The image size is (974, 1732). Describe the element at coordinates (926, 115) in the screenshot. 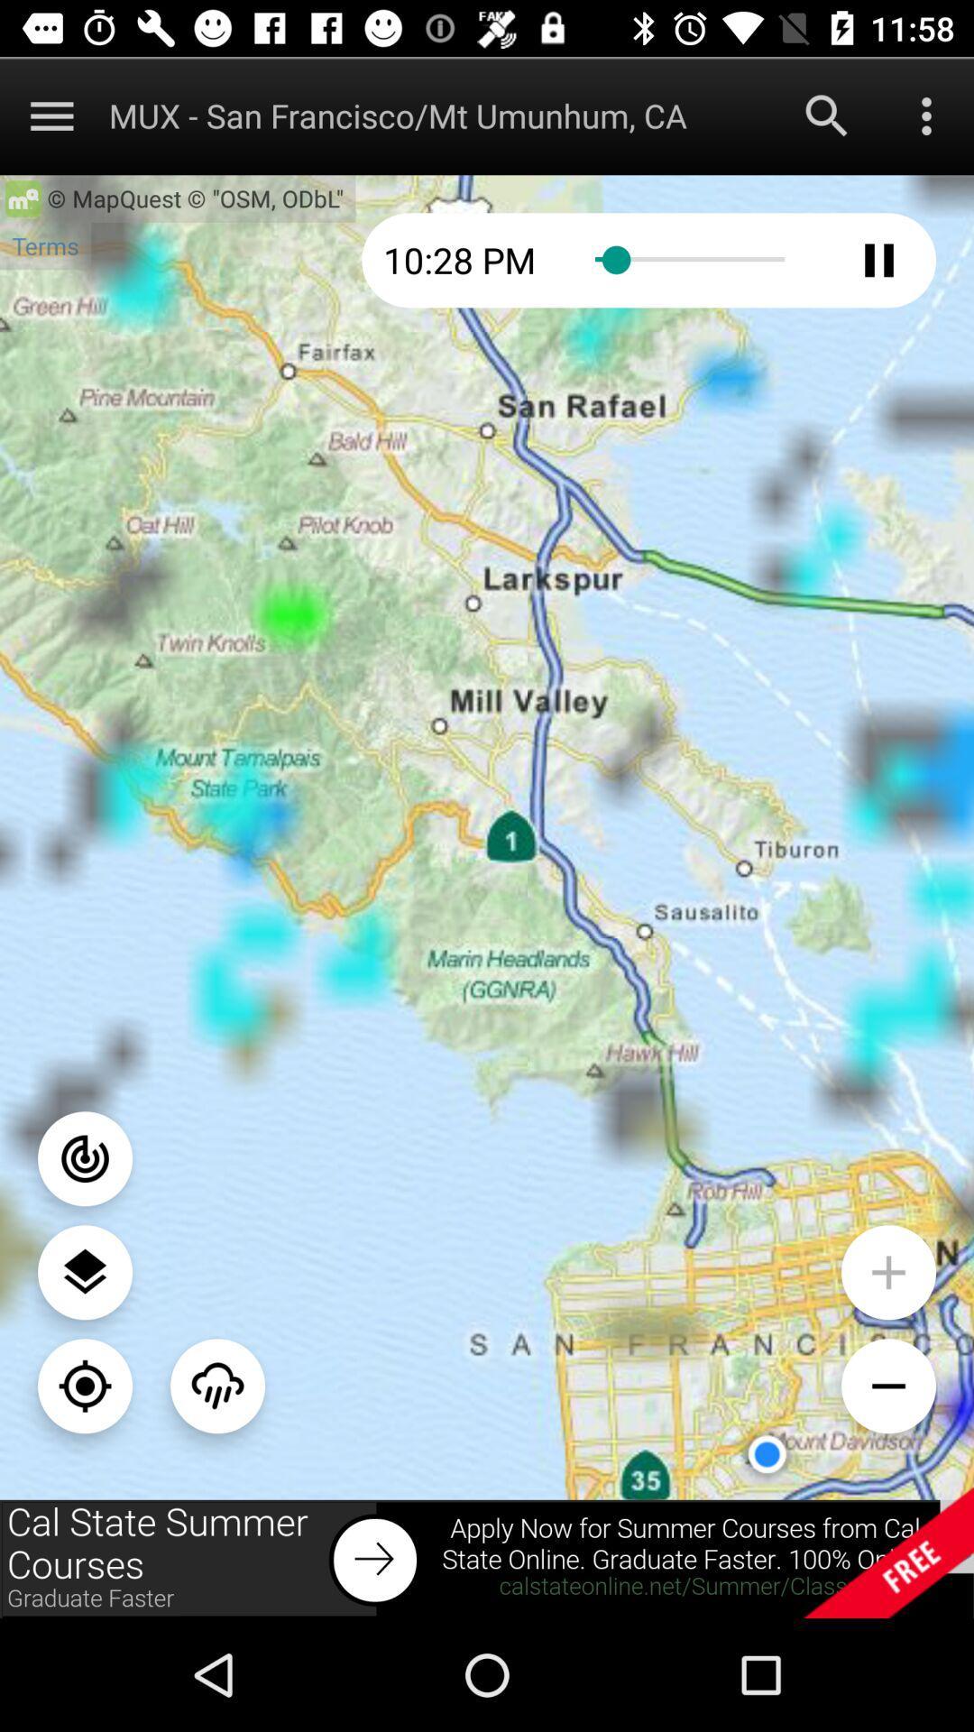

I see `menu button` at that location.